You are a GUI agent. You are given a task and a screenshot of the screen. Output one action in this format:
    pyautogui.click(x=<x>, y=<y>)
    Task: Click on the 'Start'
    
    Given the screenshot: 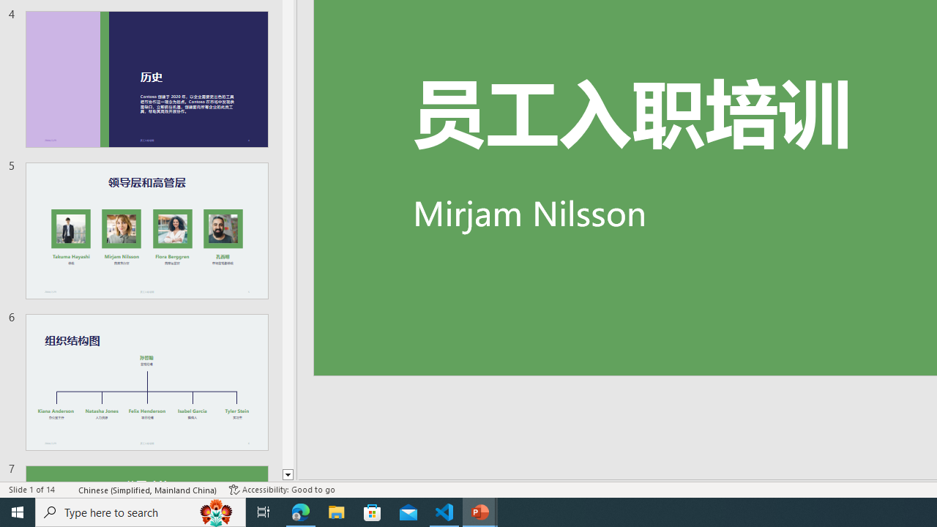 What is the action you would take?
    pyautogui.click(x=18, y=511)
    